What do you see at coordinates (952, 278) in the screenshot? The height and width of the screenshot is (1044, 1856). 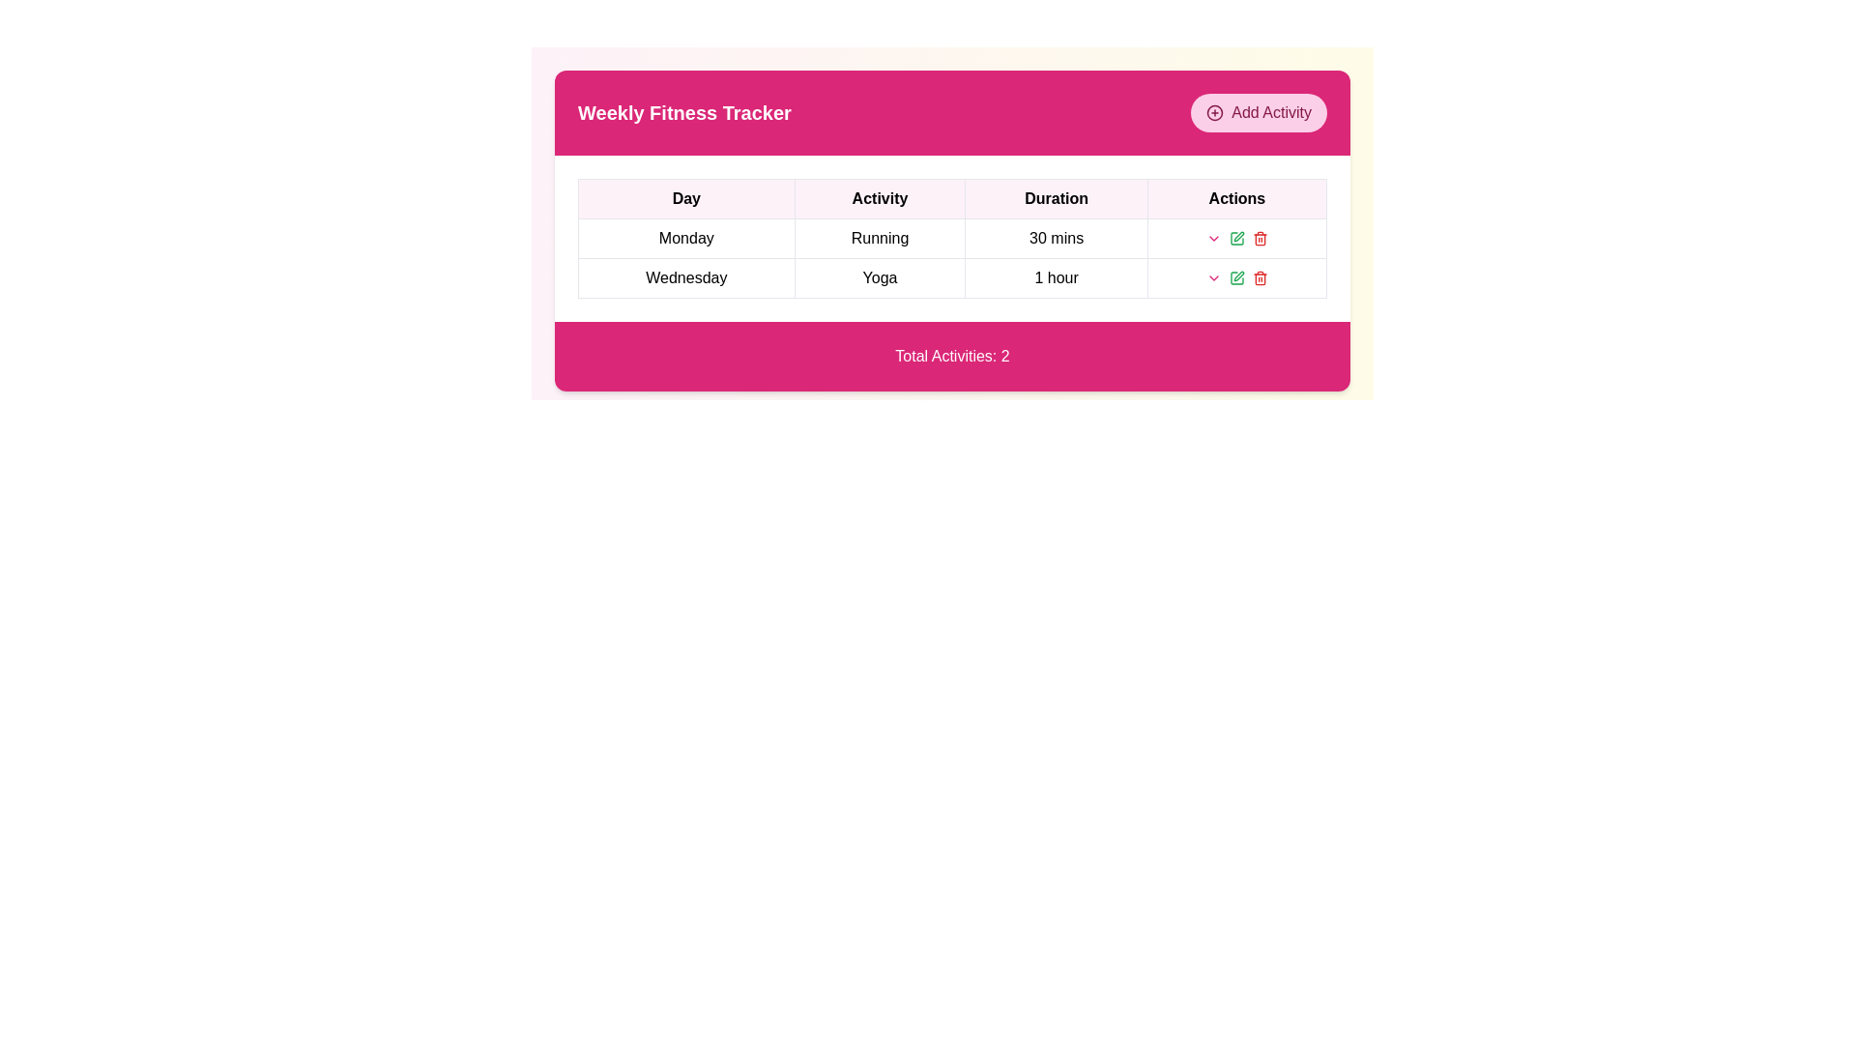 I see `the table row in the 'Weekly Fitness Tracker' section that contains 'Wednesday' under 'Day', 'Yoga' under 'Activity', and '1 hour' under 'Duration'` at bounding box center [952, 278].